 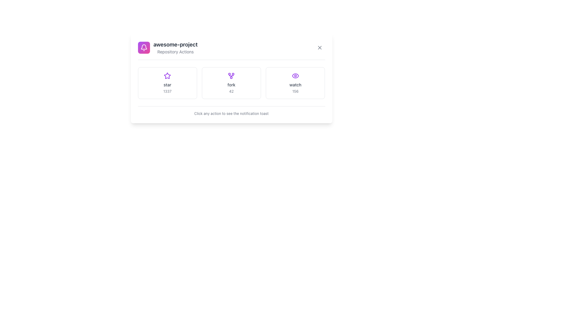 I want to click on the prominent text label 'awesome-project', which is styled in bold and slightly larger font above the 'Repository Actions' section, so click(x=175, y=44).